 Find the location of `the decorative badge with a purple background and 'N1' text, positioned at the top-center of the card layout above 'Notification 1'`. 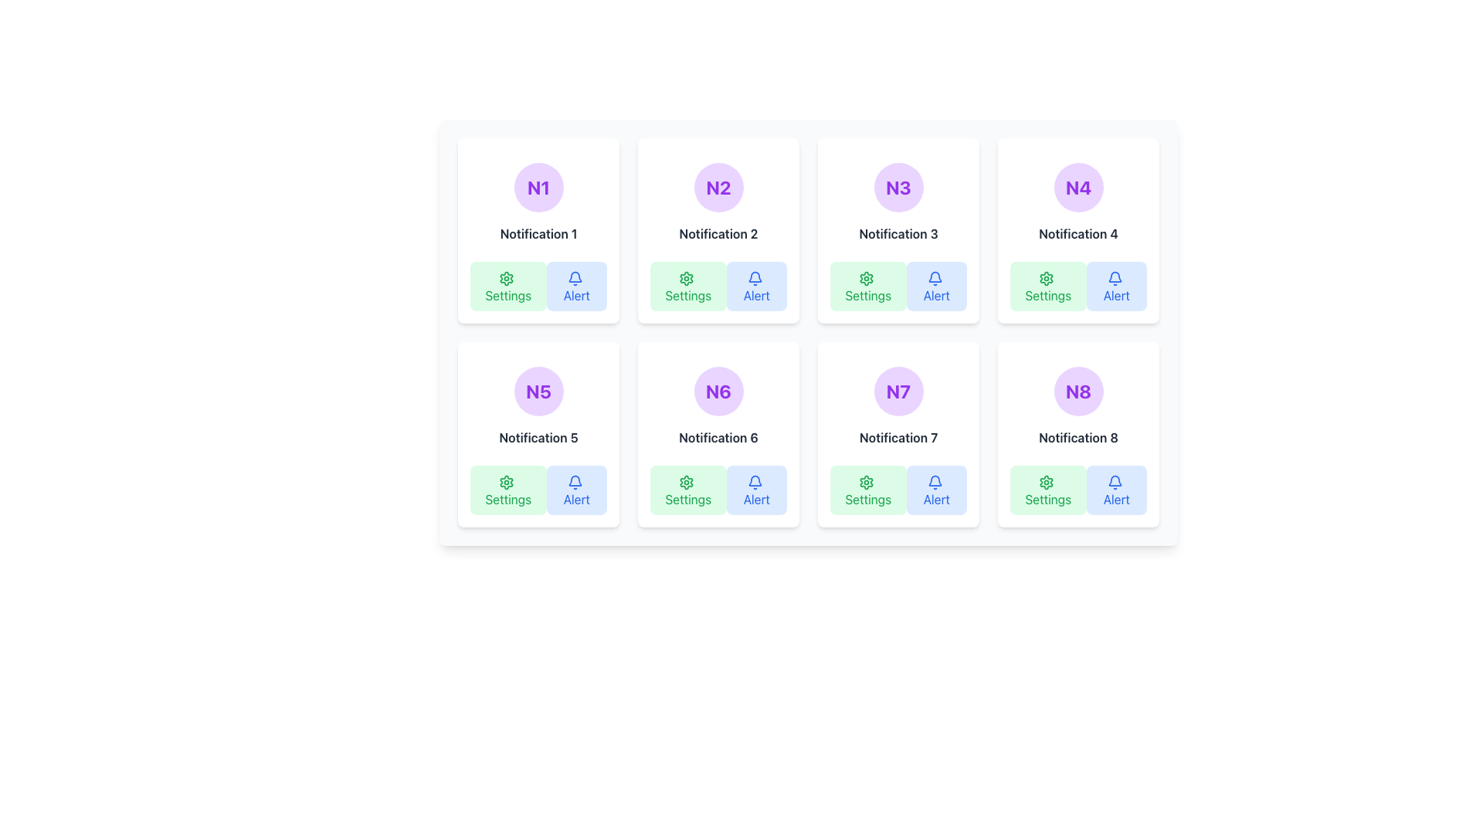

the decorative badge with a purple background and 'N1' text, positioned at the top-center of the card layout above 'Notification 1' is located at coordinates (538, 187).